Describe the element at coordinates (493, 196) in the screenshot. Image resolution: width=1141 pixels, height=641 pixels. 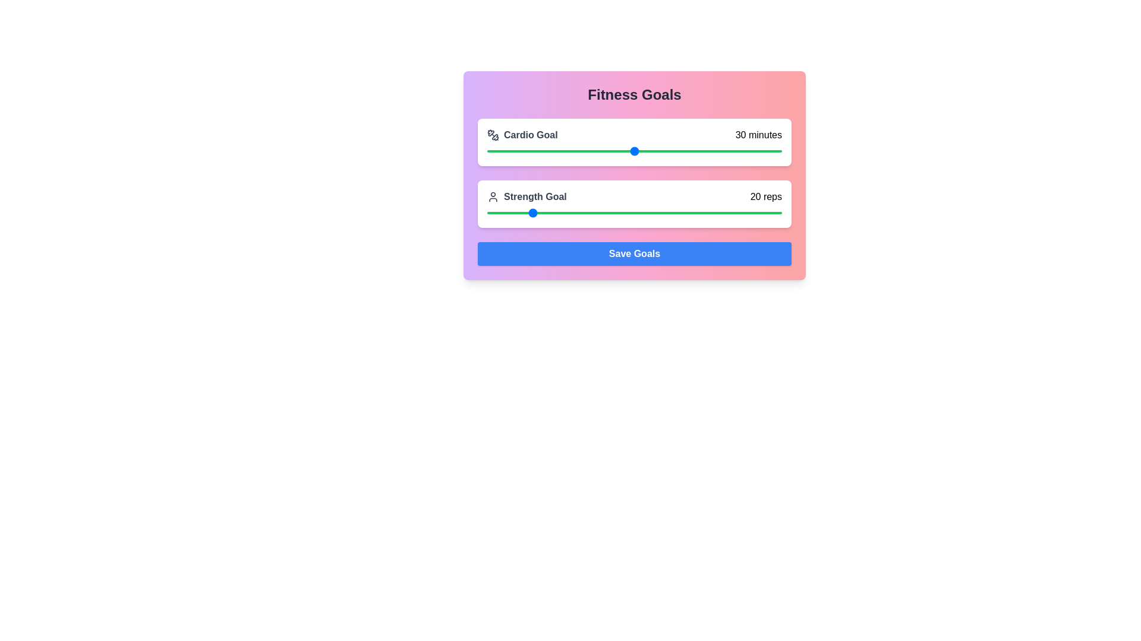
I see `the icon representing the 'Strength Goal' located to the left of the corresponding text in the lower section of the card interface under 'Fitness Goals.'` at that location.